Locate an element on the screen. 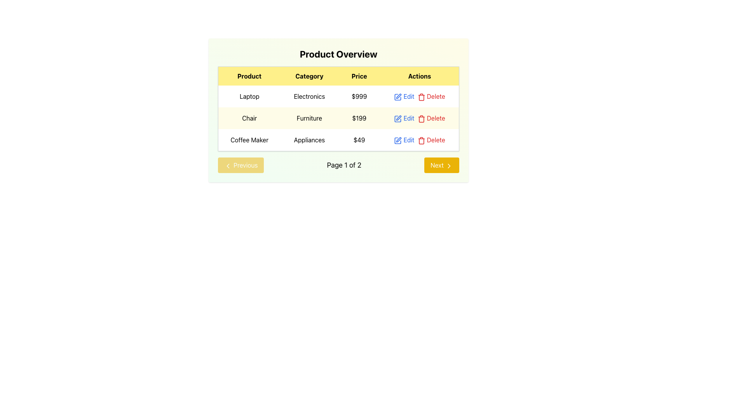 The image size is (746, 420). the 'Coffee Maker' text label located in the first column of the third row of the product table is located at coordinates (249, 140).